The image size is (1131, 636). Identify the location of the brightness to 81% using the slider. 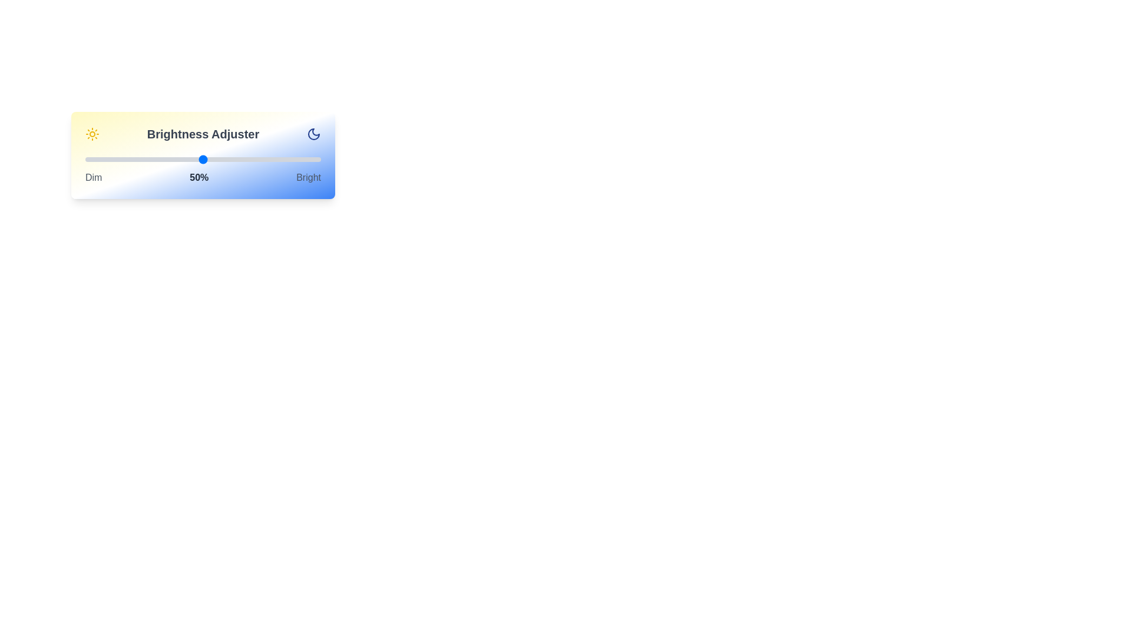
(276, 159).